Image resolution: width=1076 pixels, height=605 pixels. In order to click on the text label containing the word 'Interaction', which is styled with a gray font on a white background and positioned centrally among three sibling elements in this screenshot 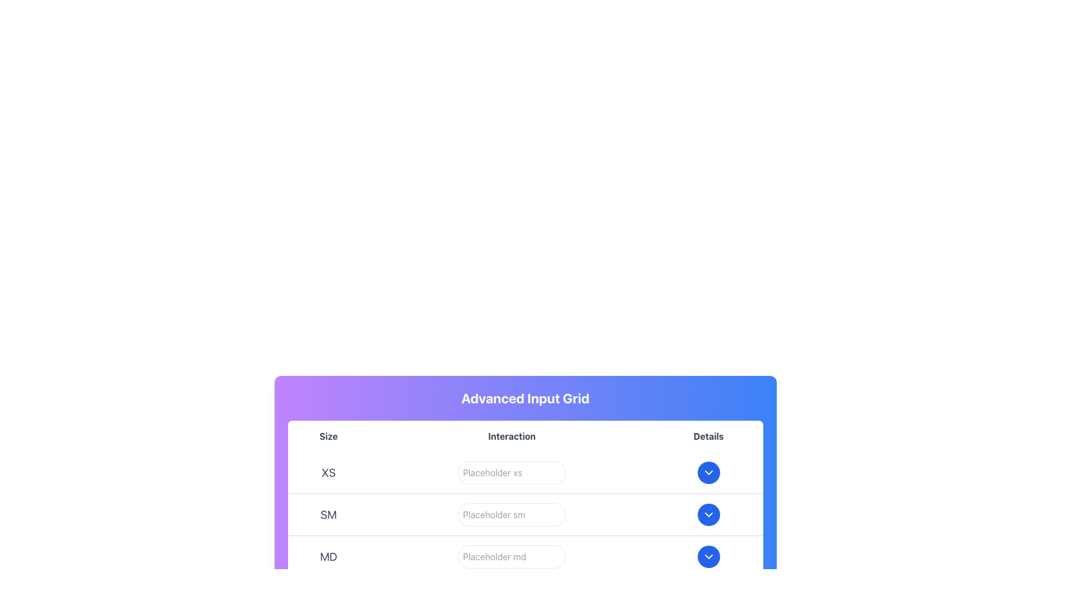, I will do `click(511, 436)`.